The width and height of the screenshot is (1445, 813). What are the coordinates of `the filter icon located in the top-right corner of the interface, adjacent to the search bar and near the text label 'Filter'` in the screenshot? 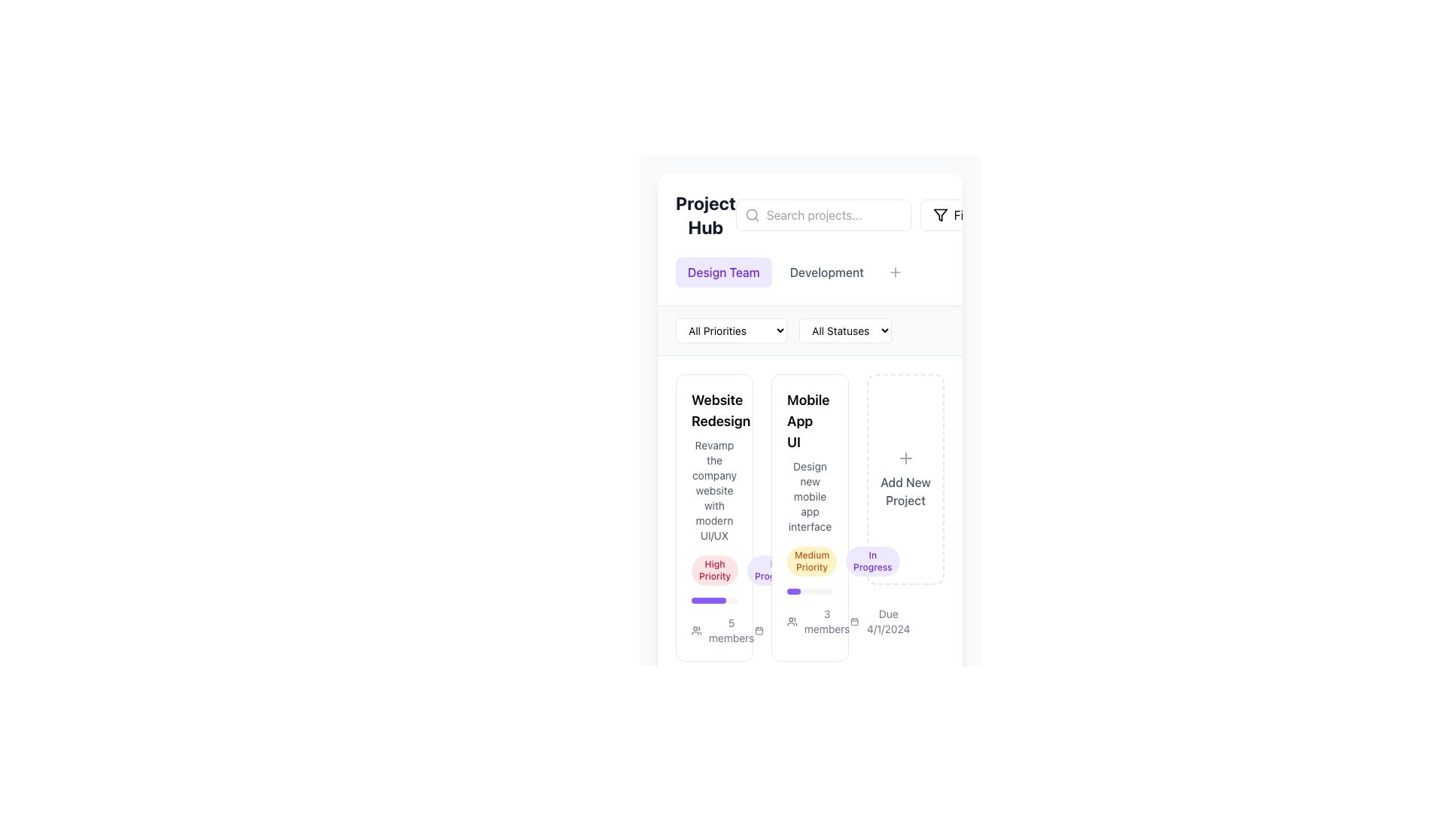 It's located at (939, 215).